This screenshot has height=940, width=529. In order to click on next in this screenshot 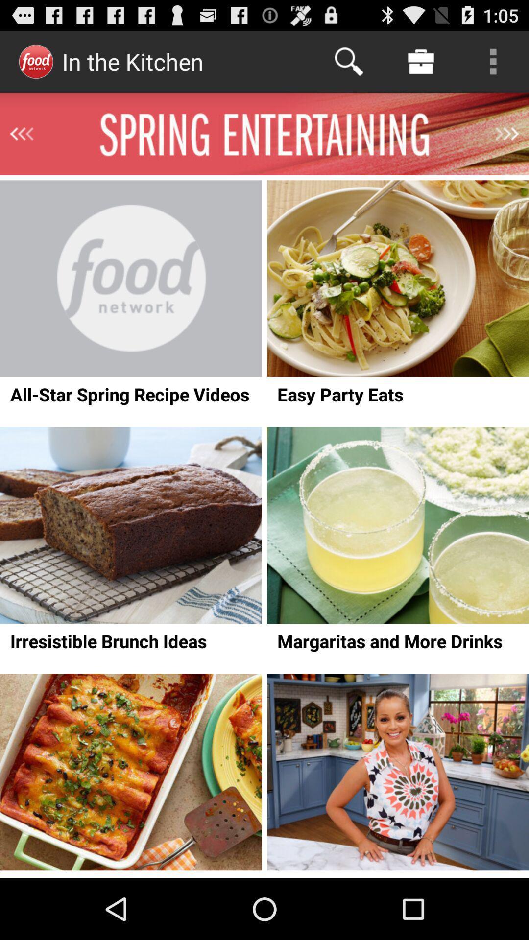, I will do `click(507, 133)`.